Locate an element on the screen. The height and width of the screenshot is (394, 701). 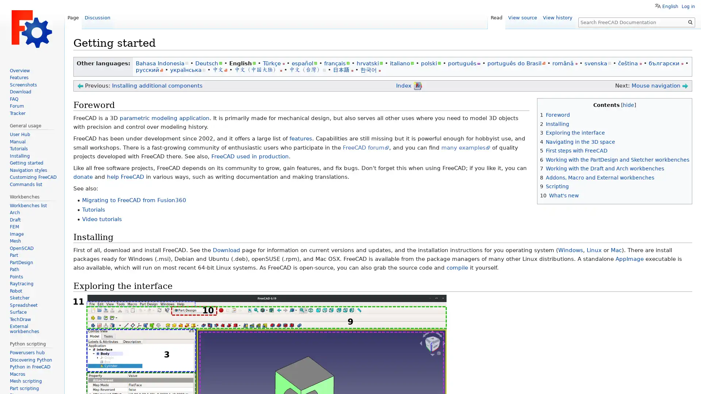
Go is located at coordinates (690, 22).